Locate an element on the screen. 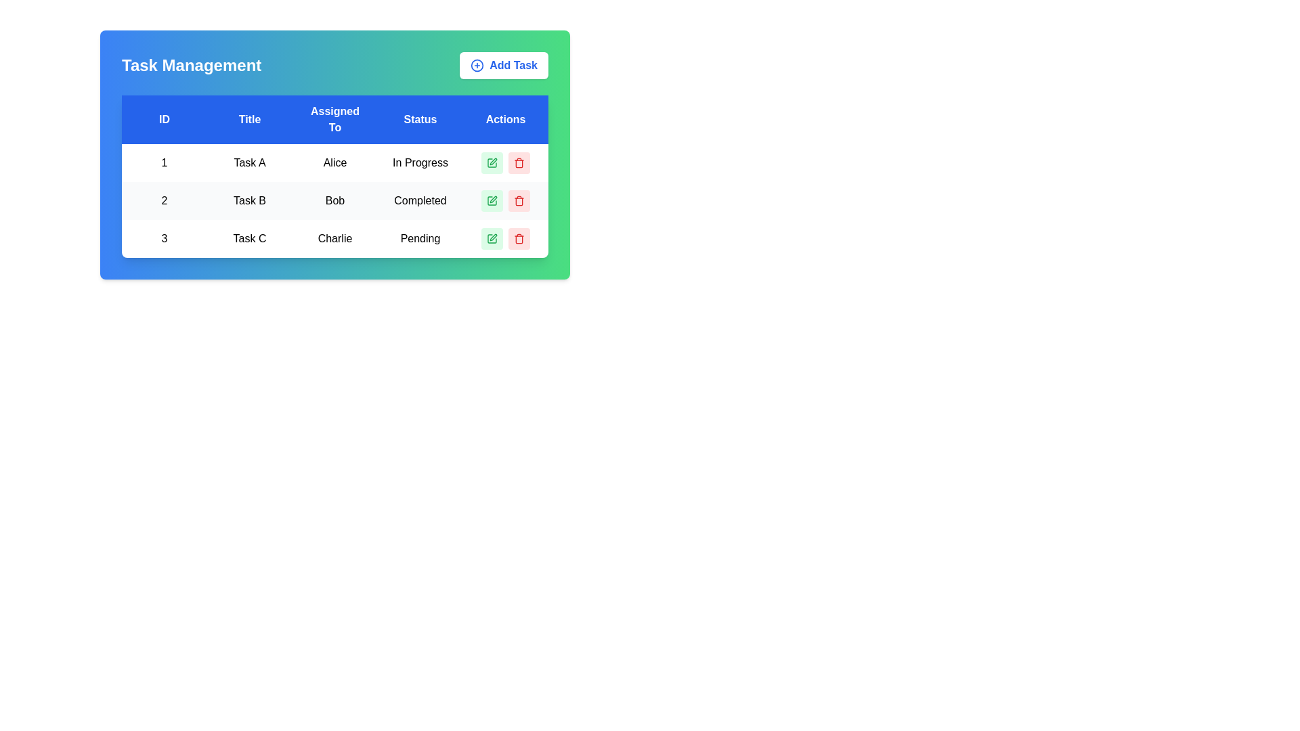 This screenshot has height=731, width=1300. the Text label in the second column of the first row of the tasks table, which displays the title of a specific task is located at coordinates (250, 162).